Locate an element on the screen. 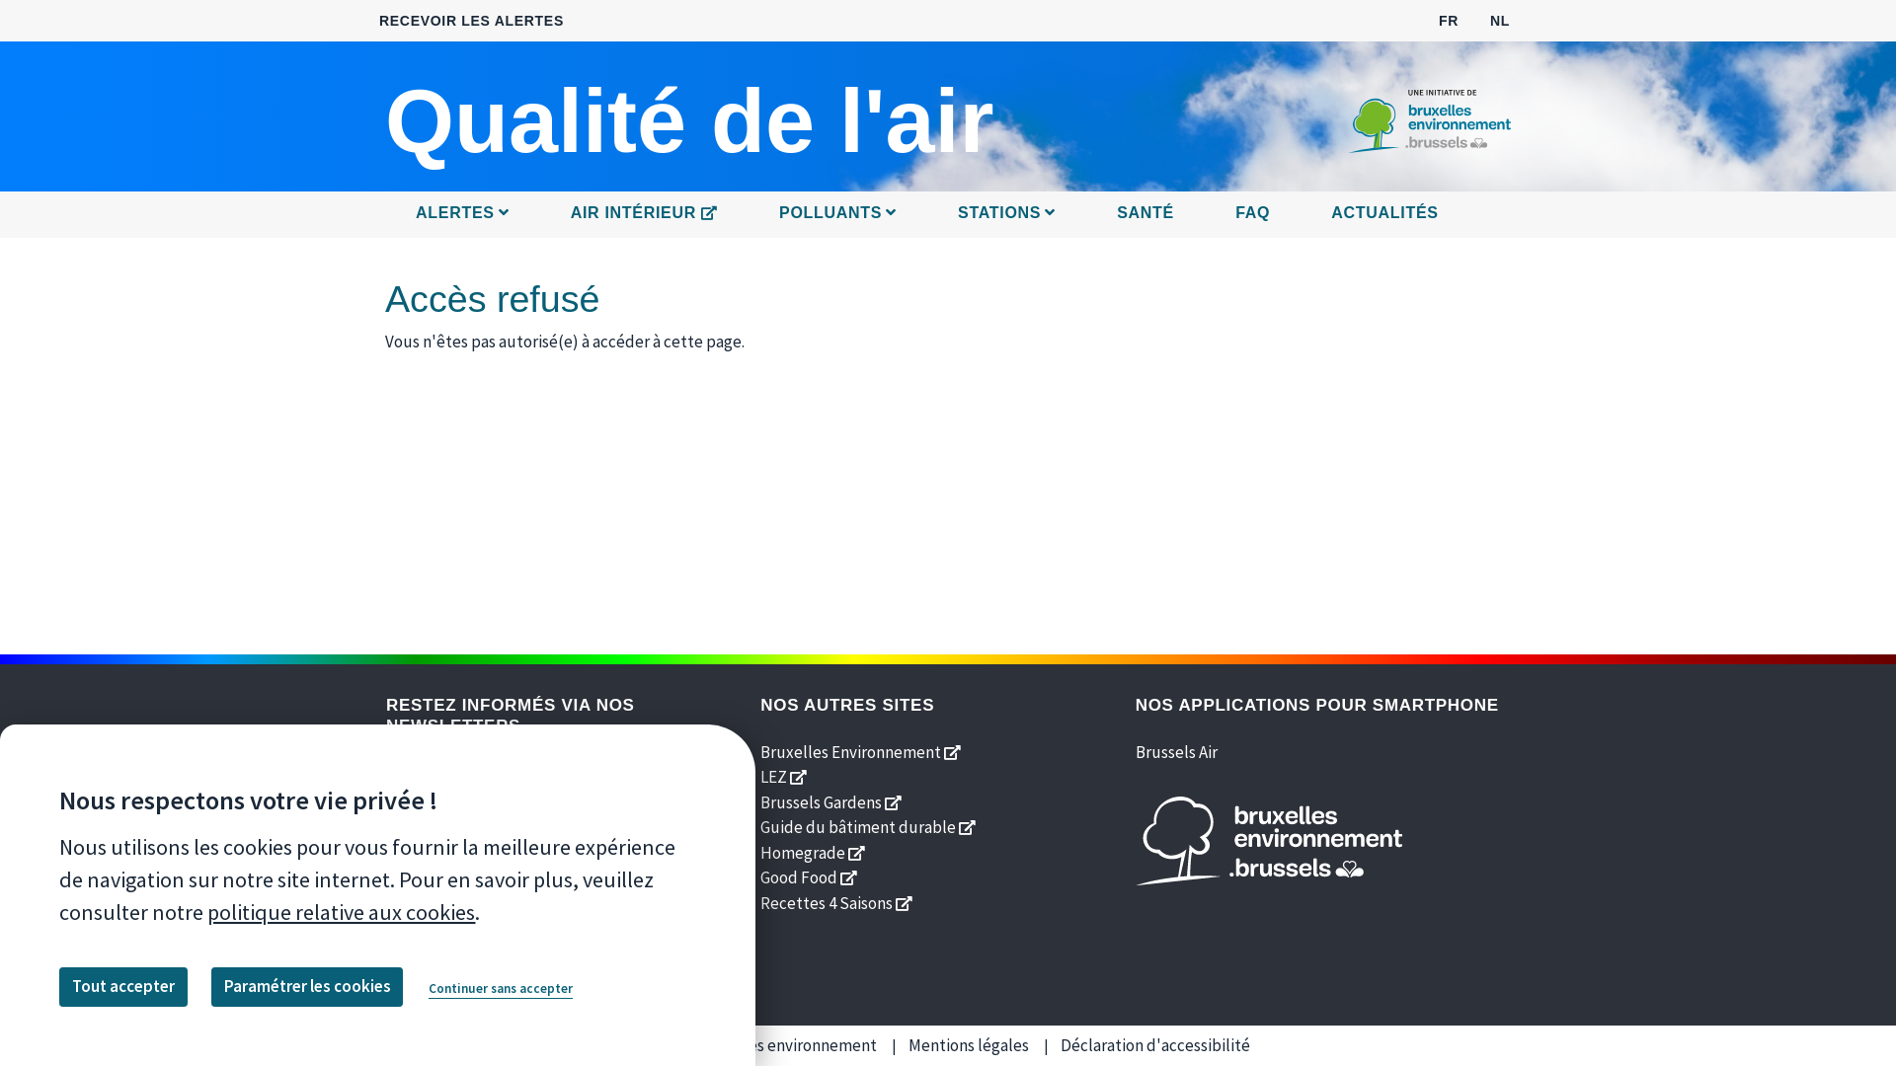 The height and width of the screenshot is (1066, 1896). 'politique relative aux cookies' is located at coordinates (341, 912).